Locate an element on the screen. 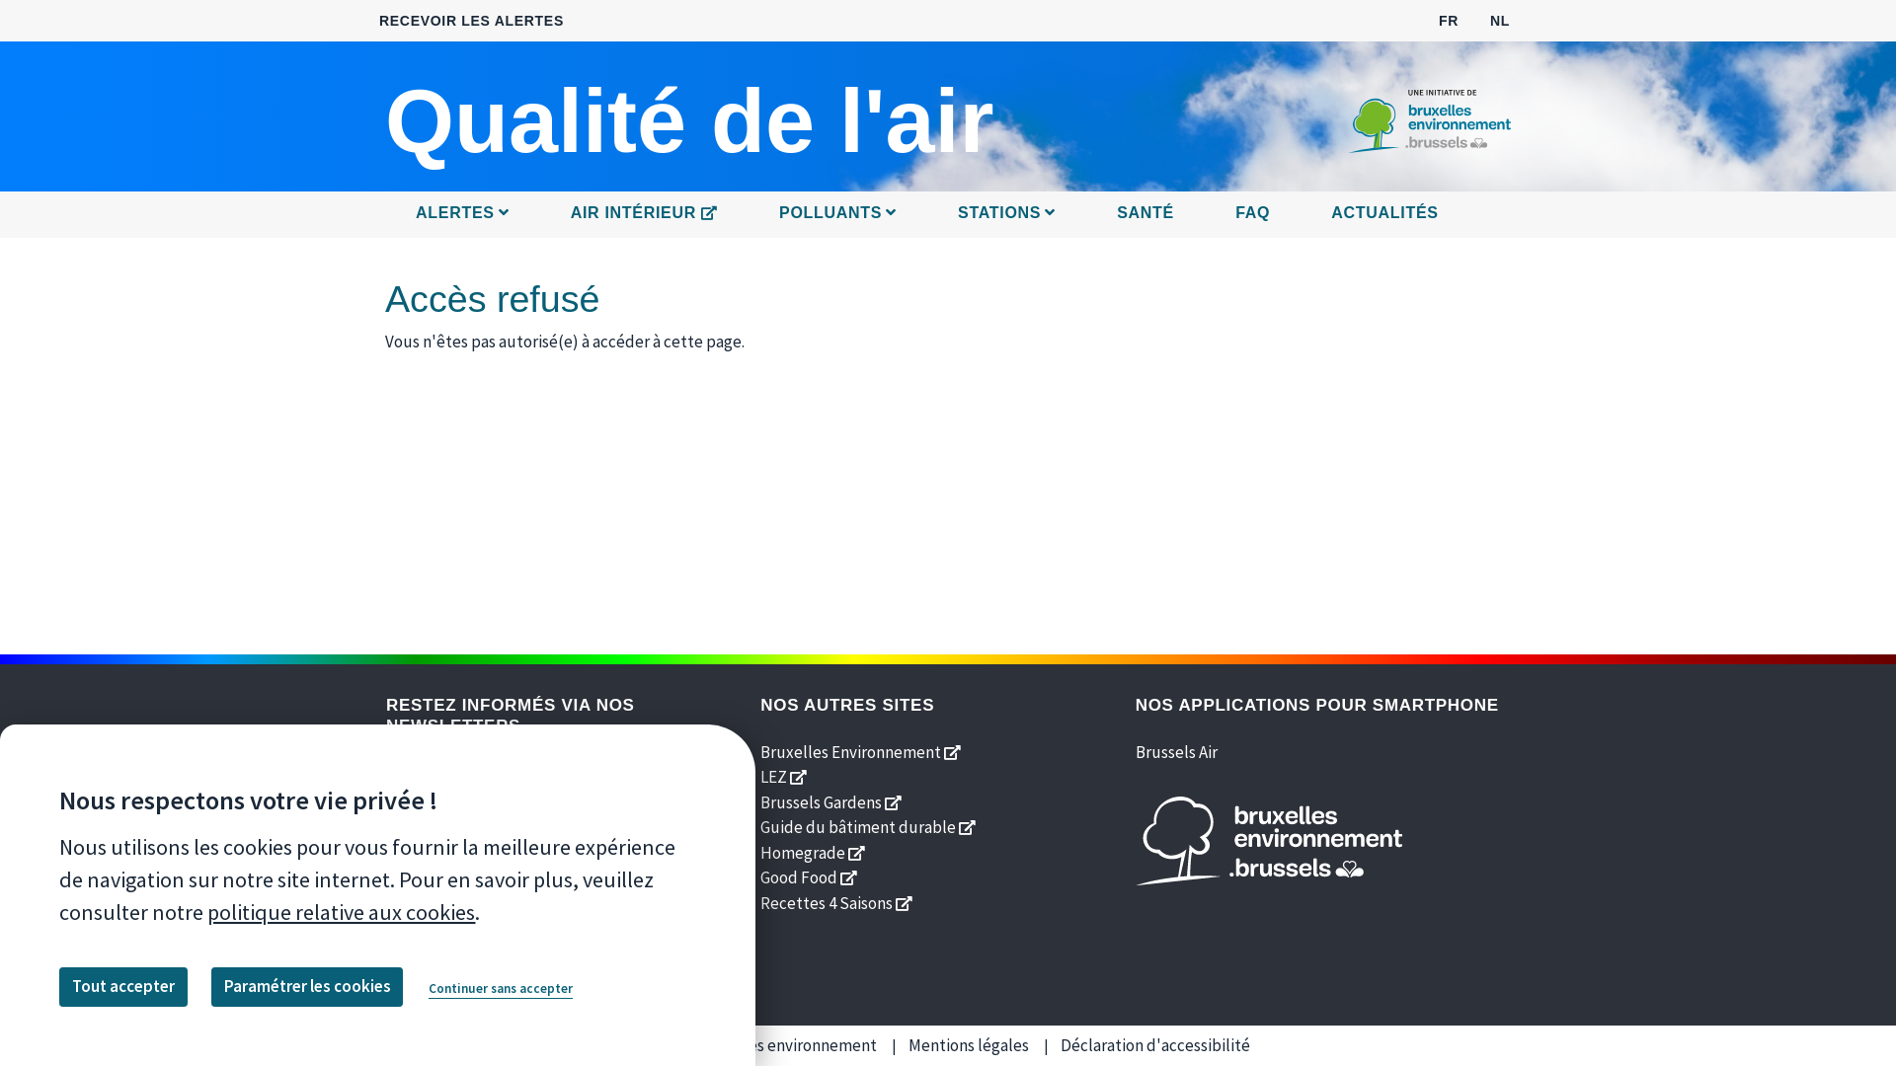 The height and width of the screenshot is (1066, 1896). 'politique relative aux cookies' is located at coordinates (341, 912).